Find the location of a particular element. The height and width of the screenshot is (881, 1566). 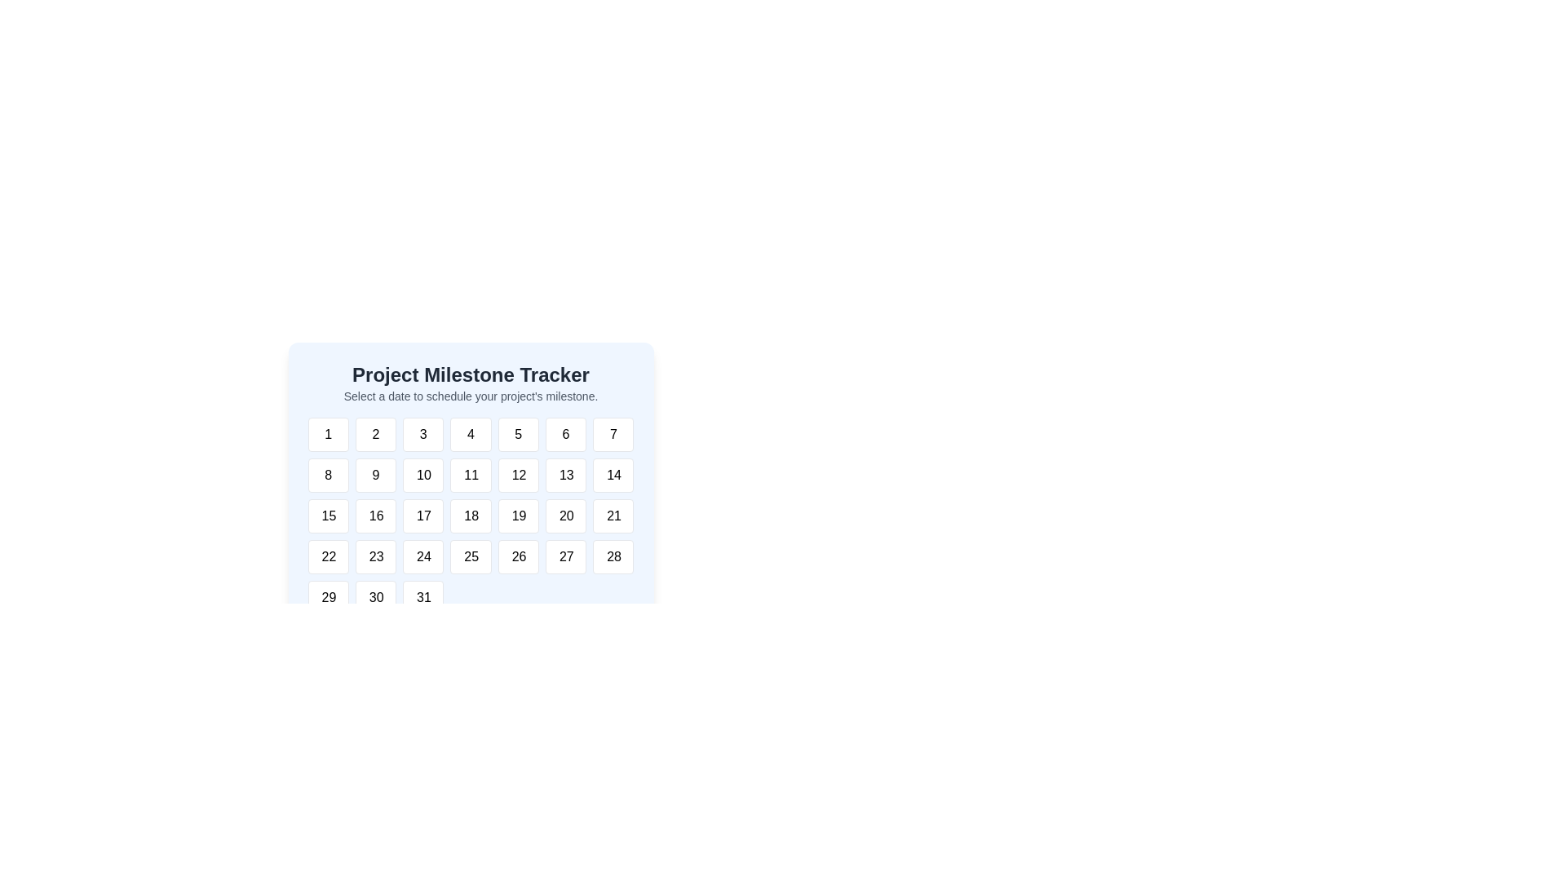

on the calendar date block displaying '13', located in the second row and sixth column of the date-picker grid is located at coordinates (566, 475).